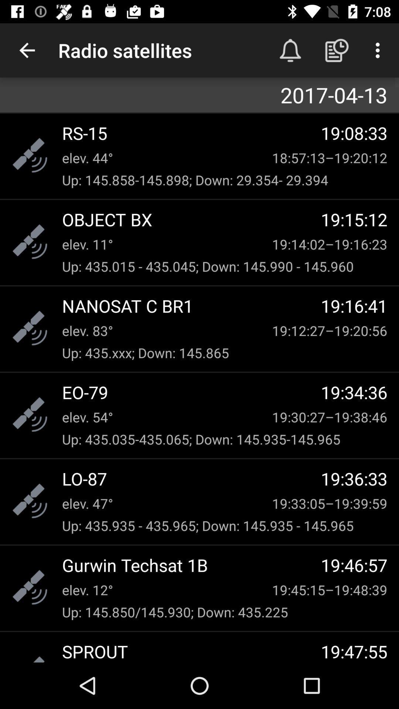  What do you see at coordinates (191, 306) in the screenshot?
I see `the nanosat c br1 icon` at bounding box center [191, 306].